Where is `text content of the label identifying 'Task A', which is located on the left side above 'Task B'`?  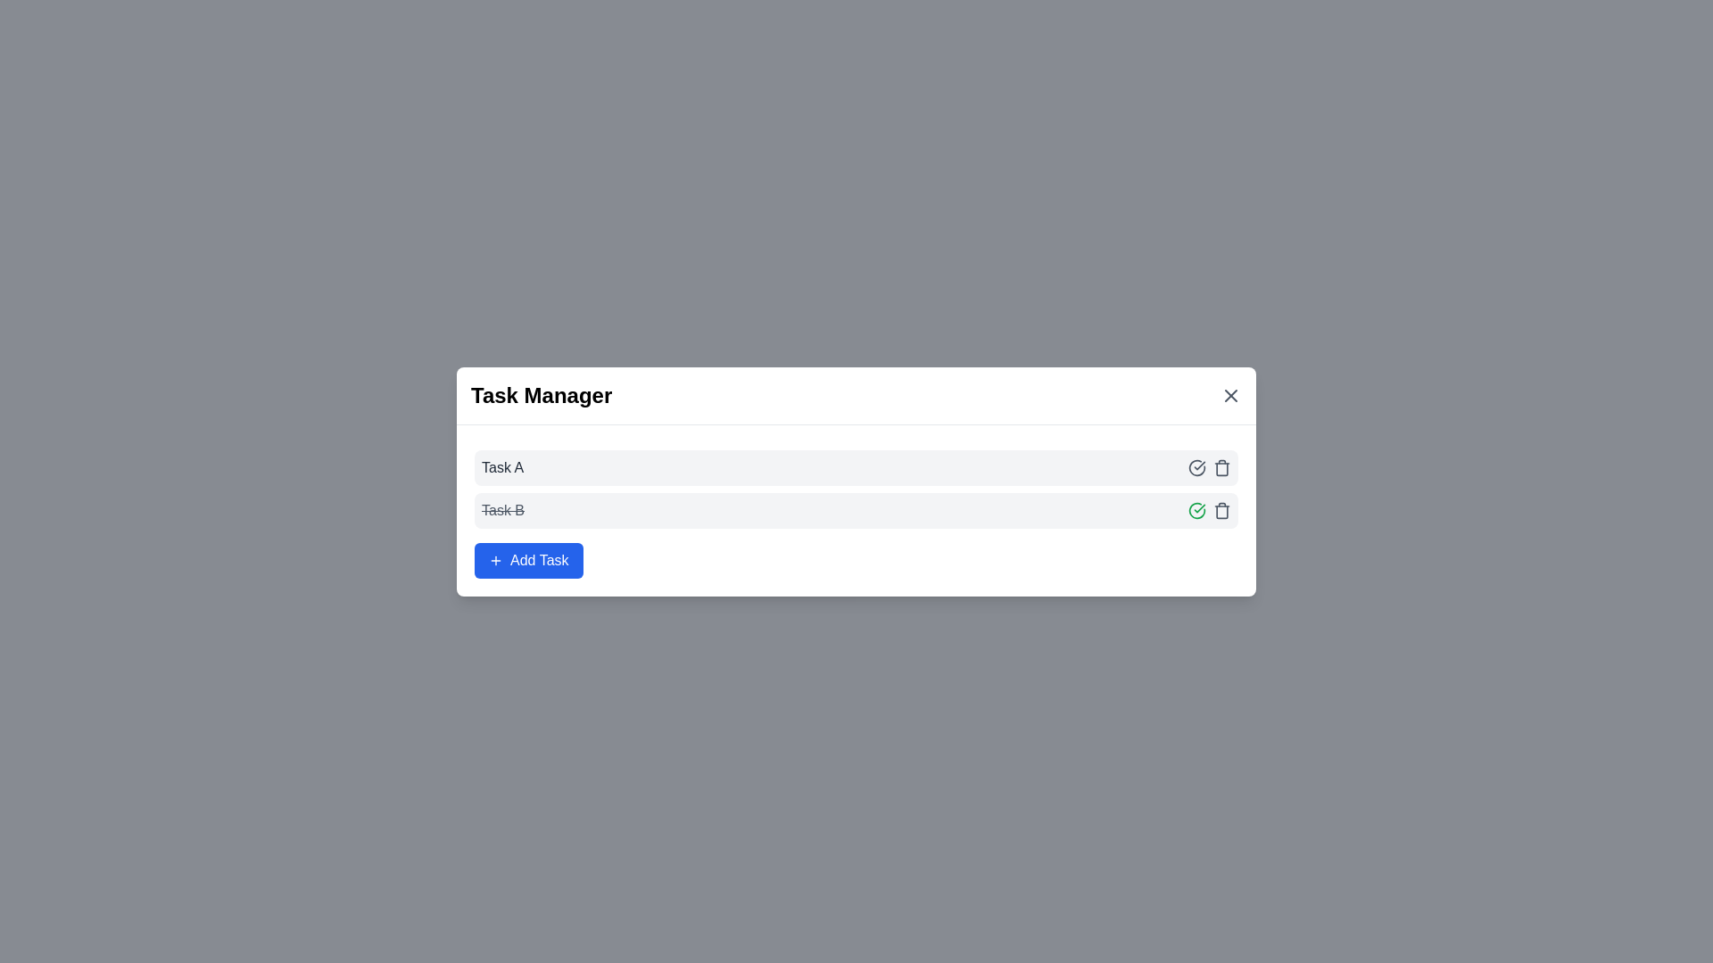 text content of the label identifying 'Task A', which is located on the left side above 'Task B' is located at coordinates (501, 466).